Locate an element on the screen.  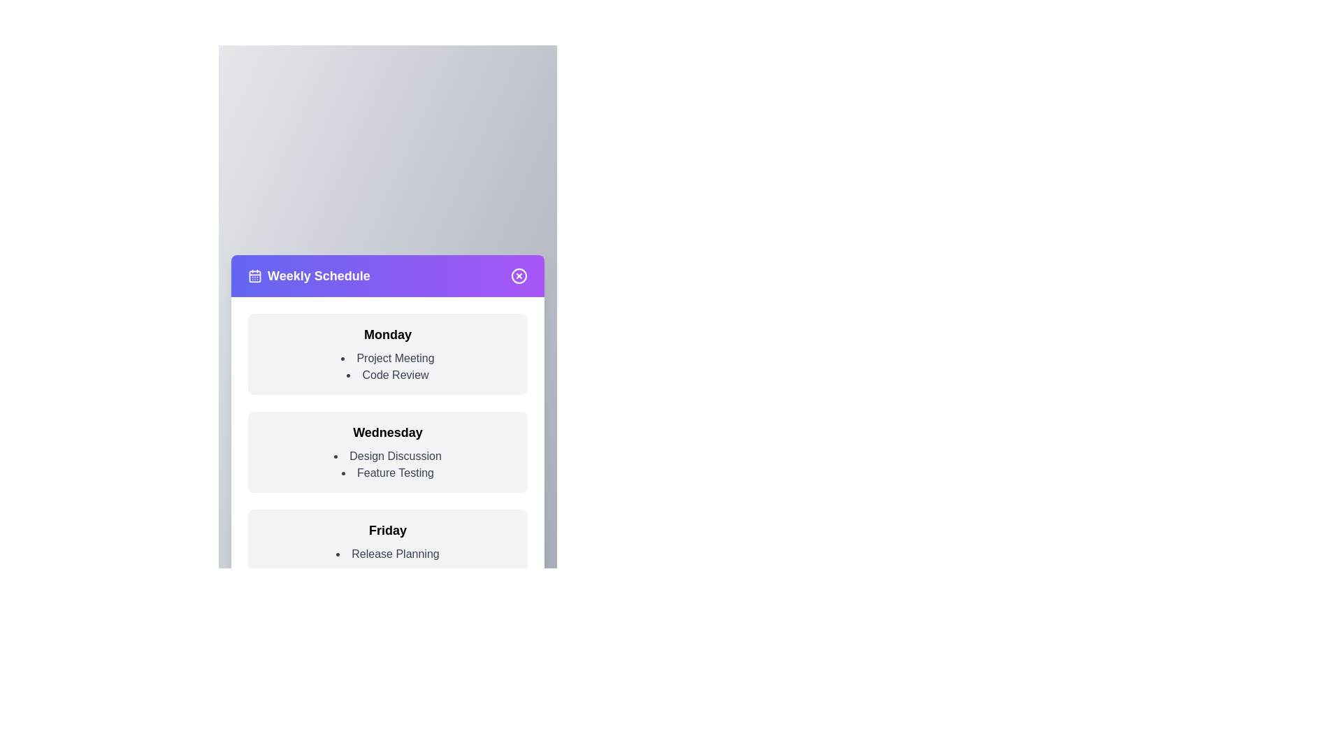
close button to dismiss the Weekly Schedule dialog is located at coordinates (519, 275).